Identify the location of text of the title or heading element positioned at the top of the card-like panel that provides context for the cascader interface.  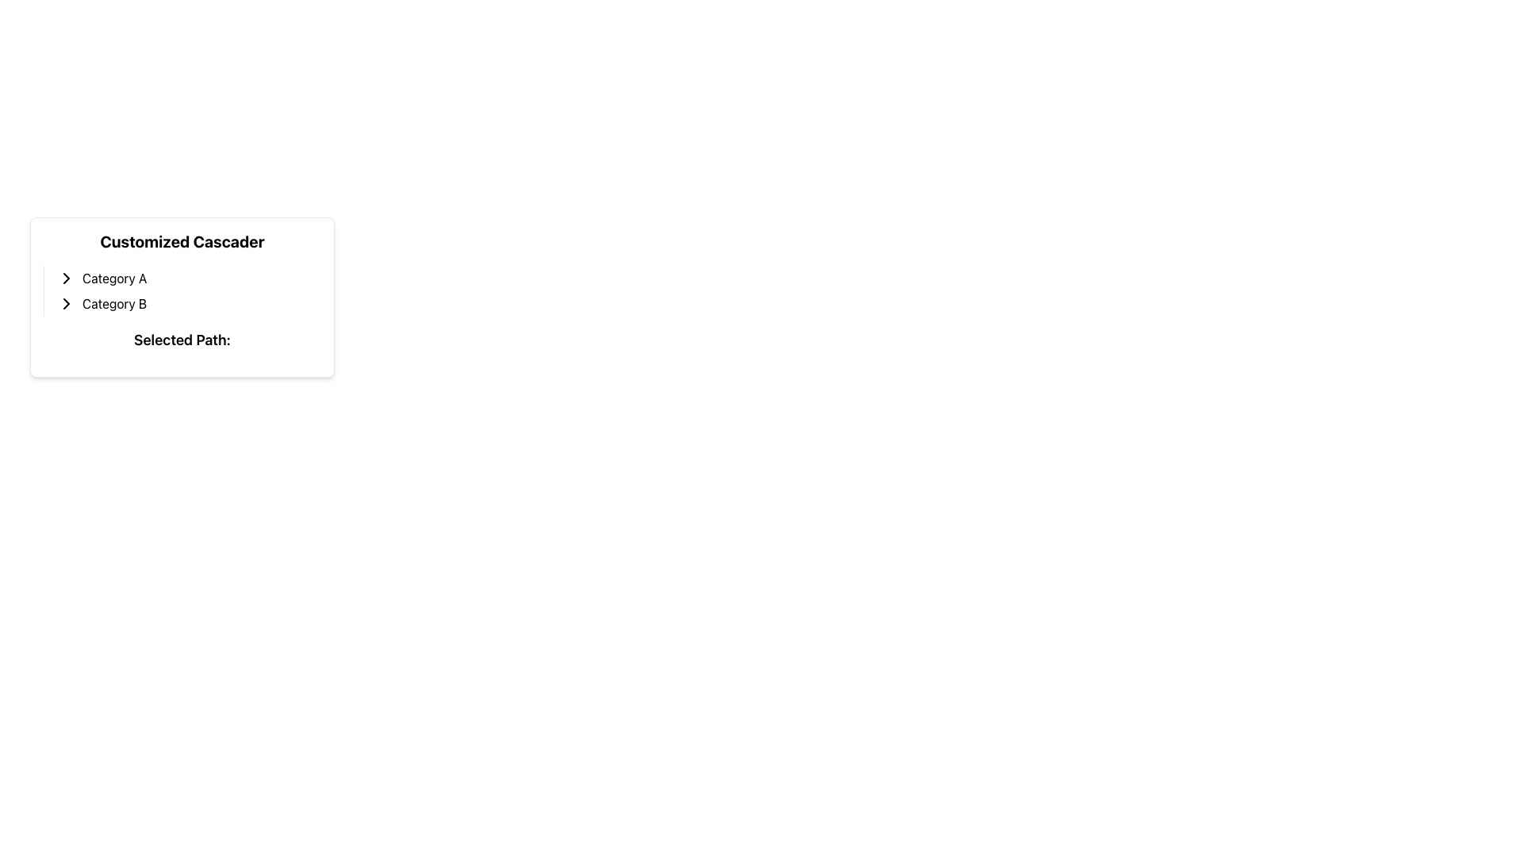
(182, 241).